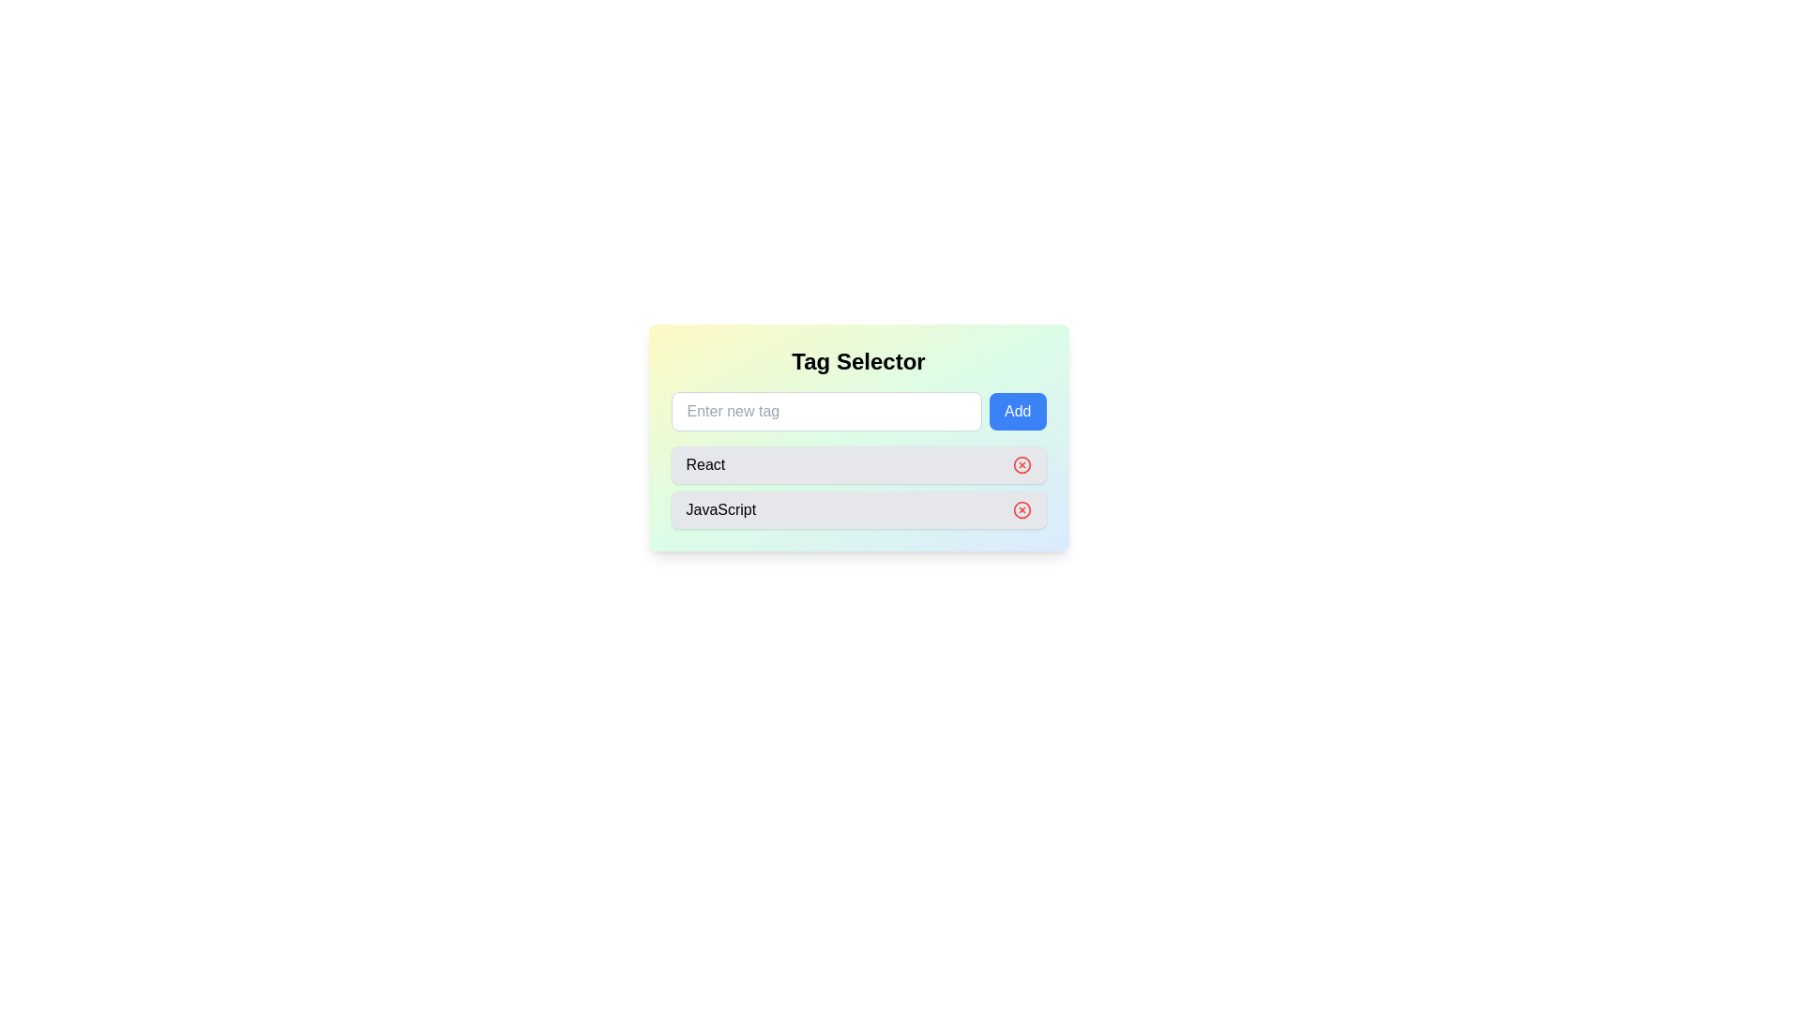 The image size is (1801, 1013). What do you see at coordinates (719, 509) in the screenshot?
I see `the text label displaying 'JavaScript'` at bounding box center [719, 509].